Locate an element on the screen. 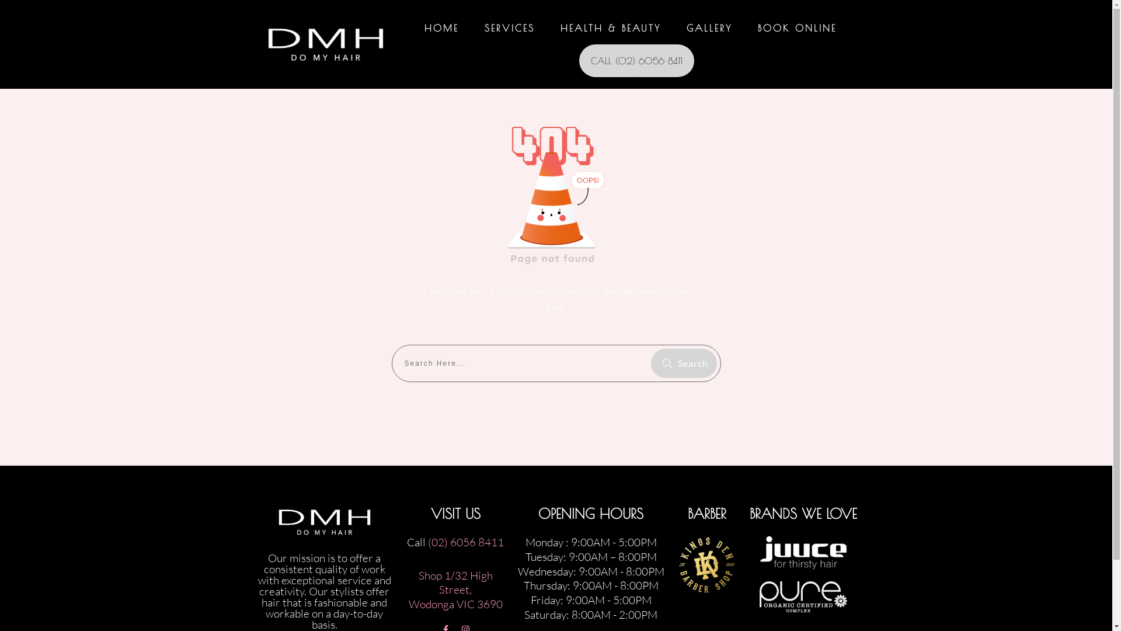 The image size is (1121, 631). '404 img alpha-8 (1)' is located at coordinates (556, 190).